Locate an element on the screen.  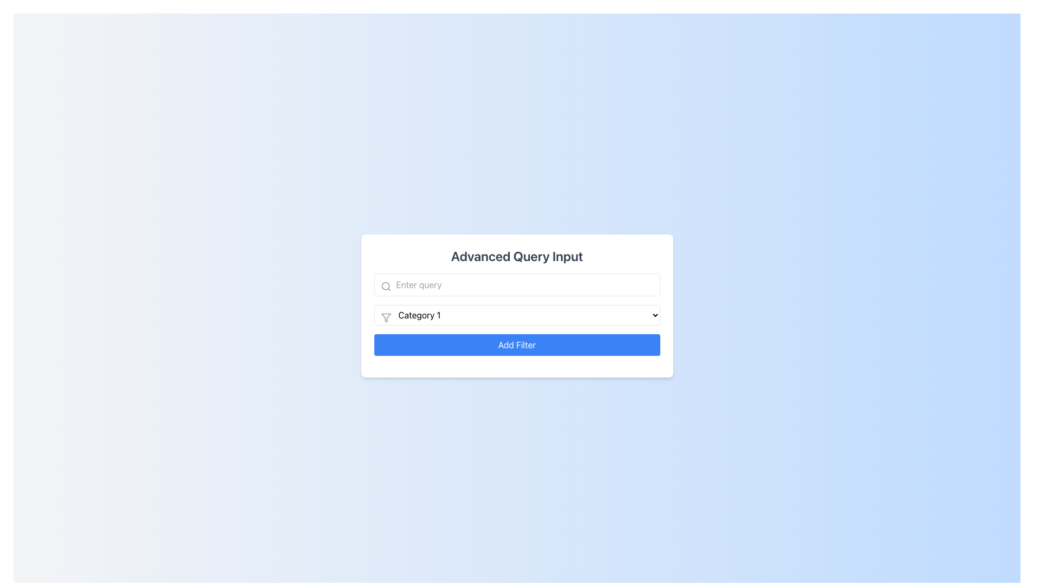
the filter icon, which is a funnel-shaped outline located at the top-left corner of the 'Category 1' dropdown area is located at coordinates (386, 317).